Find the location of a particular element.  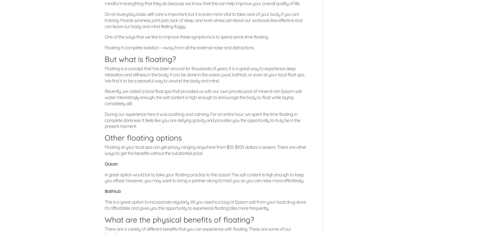

'Ocean' is located at coordinates (111, 163).